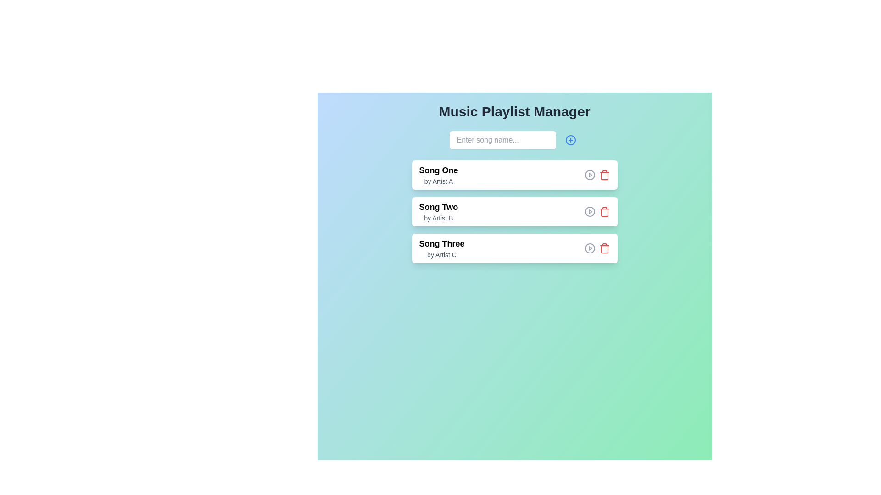 This screenshot has height=495, width=881. What do you see at coordinates (438, 175) in the screenshot?
I see `the text label displaying the first song title and artist's name in the music playlist manager for potential additional interactions` at bounding box center [438, 175].